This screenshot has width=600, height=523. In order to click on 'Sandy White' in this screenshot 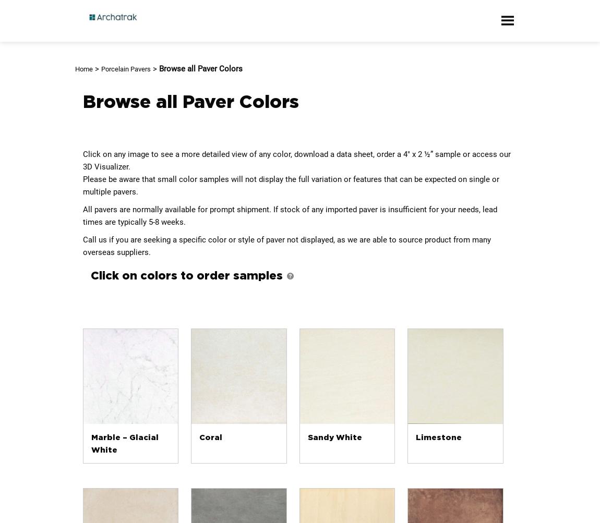, I will do `click(334, 437)`.